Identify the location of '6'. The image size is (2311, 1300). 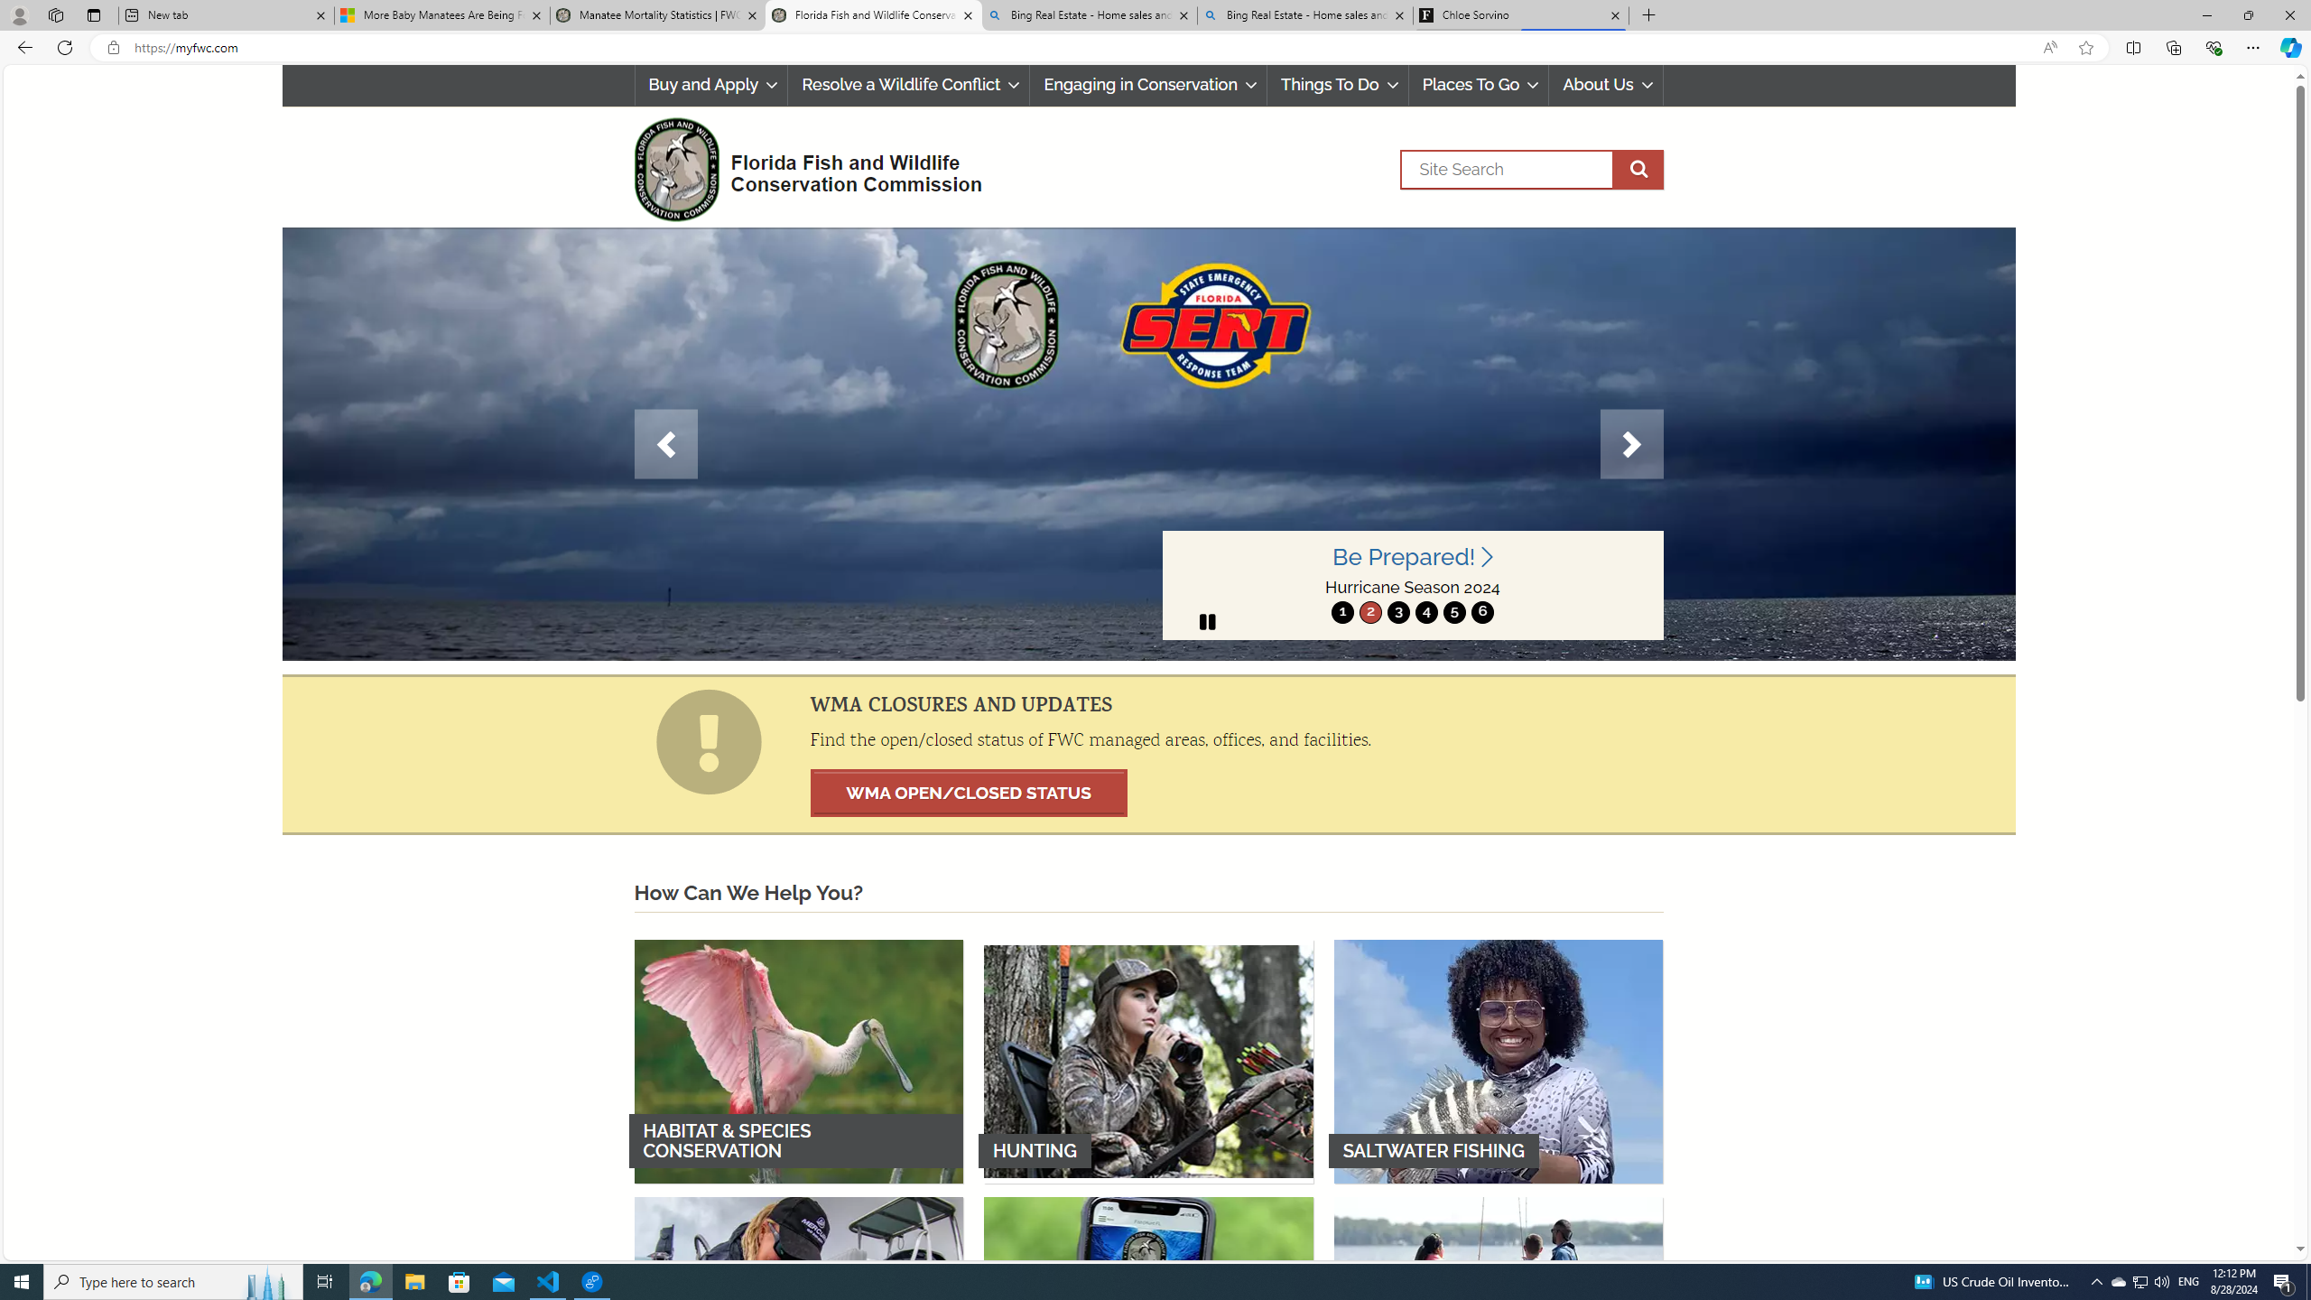
(1482, 611).